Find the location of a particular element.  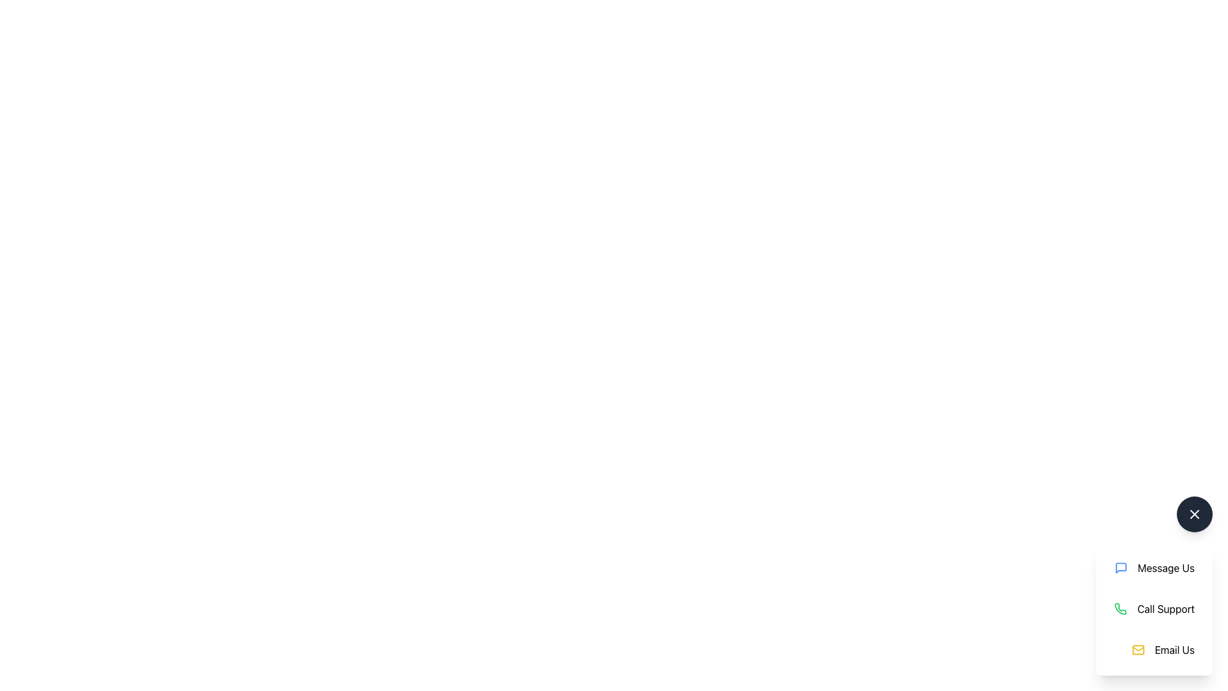

the 'Email Us' button, which is a rectangular button with an envelope icon and the text 'Email Us', located as the last item in a vertical list of buttons is located at coordinates (1163, 649).